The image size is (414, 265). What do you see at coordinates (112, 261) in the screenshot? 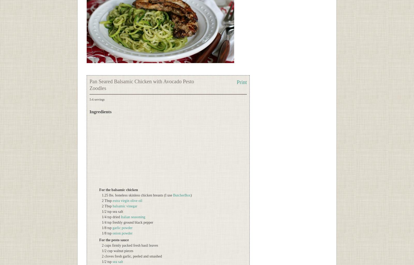
I see `'sea salt'` at bounding box center [112, 261].